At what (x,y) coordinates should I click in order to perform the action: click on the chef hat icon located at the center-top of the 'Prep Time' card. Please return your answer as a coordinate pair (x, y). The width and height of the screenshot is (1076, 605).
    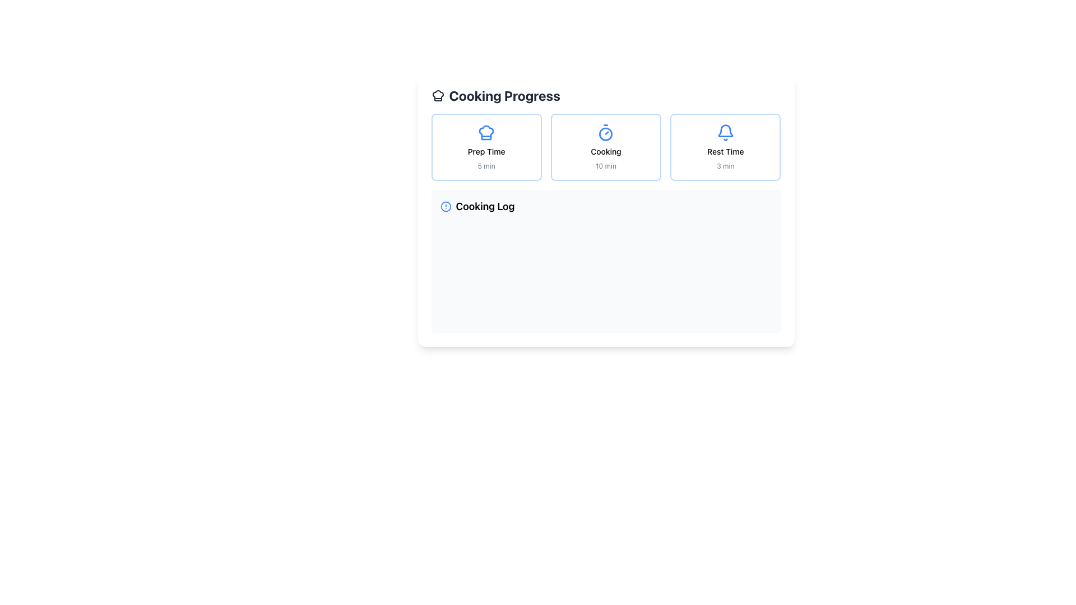
    Looking at the image, I should click on (486, 132).